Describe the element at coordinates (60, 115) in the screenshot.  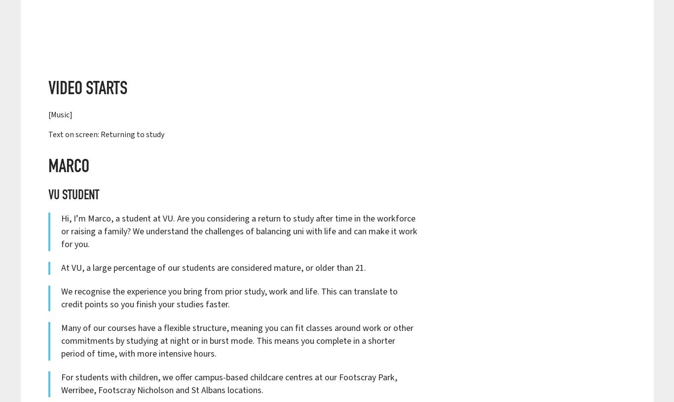
I see `'[Music]'` at that location.